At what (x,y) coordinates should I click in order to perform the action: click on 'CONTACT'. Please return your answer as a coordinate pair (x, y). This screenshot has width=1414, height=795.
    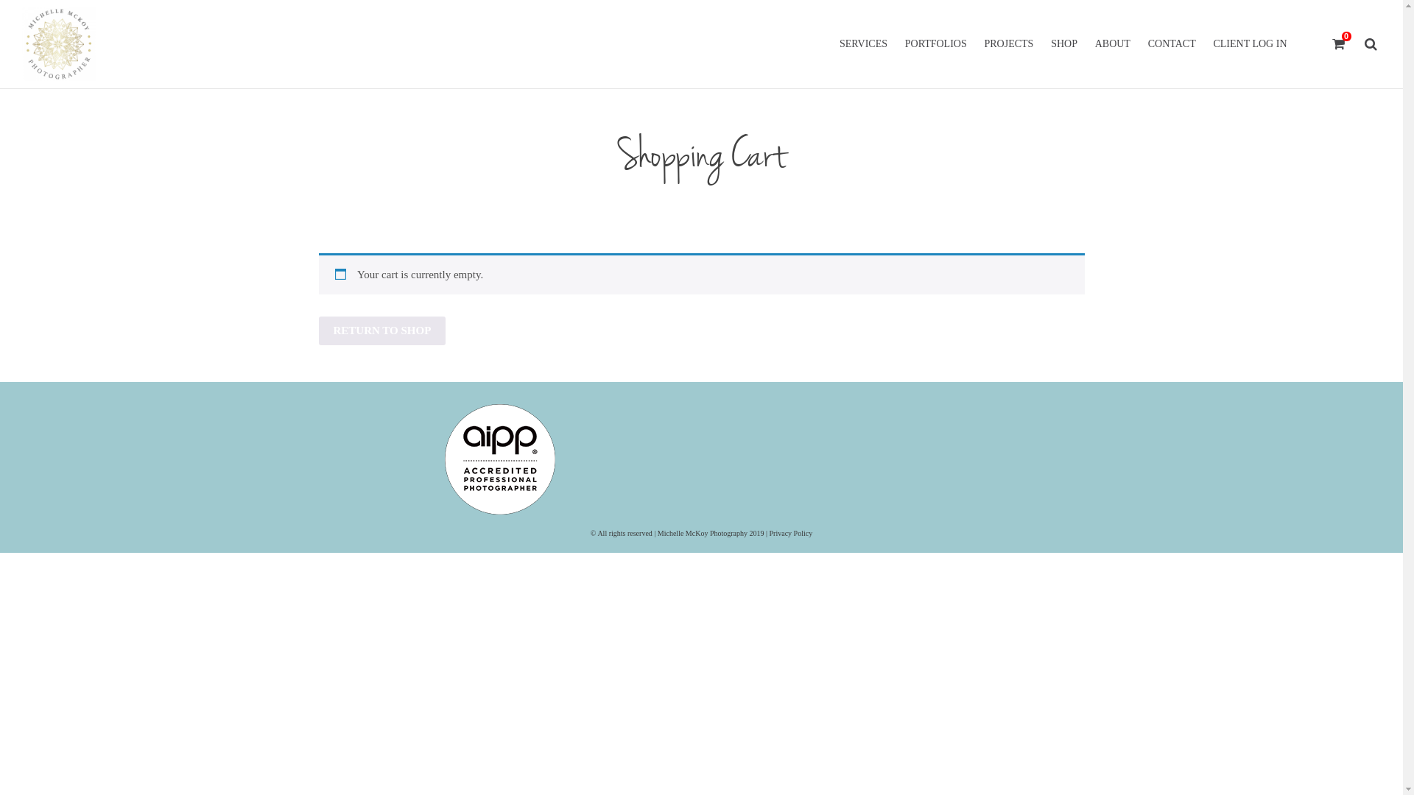
    Looking at the image, I should click on (1171, 43).